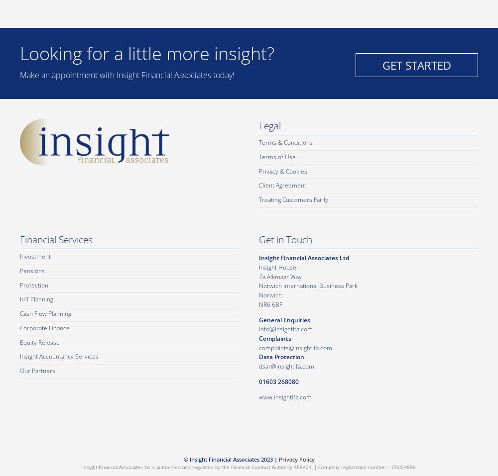 Image resolution: width=498 pixels, height=476 pixels. Describe the element at coordinates (286, 366) in the screenshot. I see `'dsar@insightifa.com'` at that location.